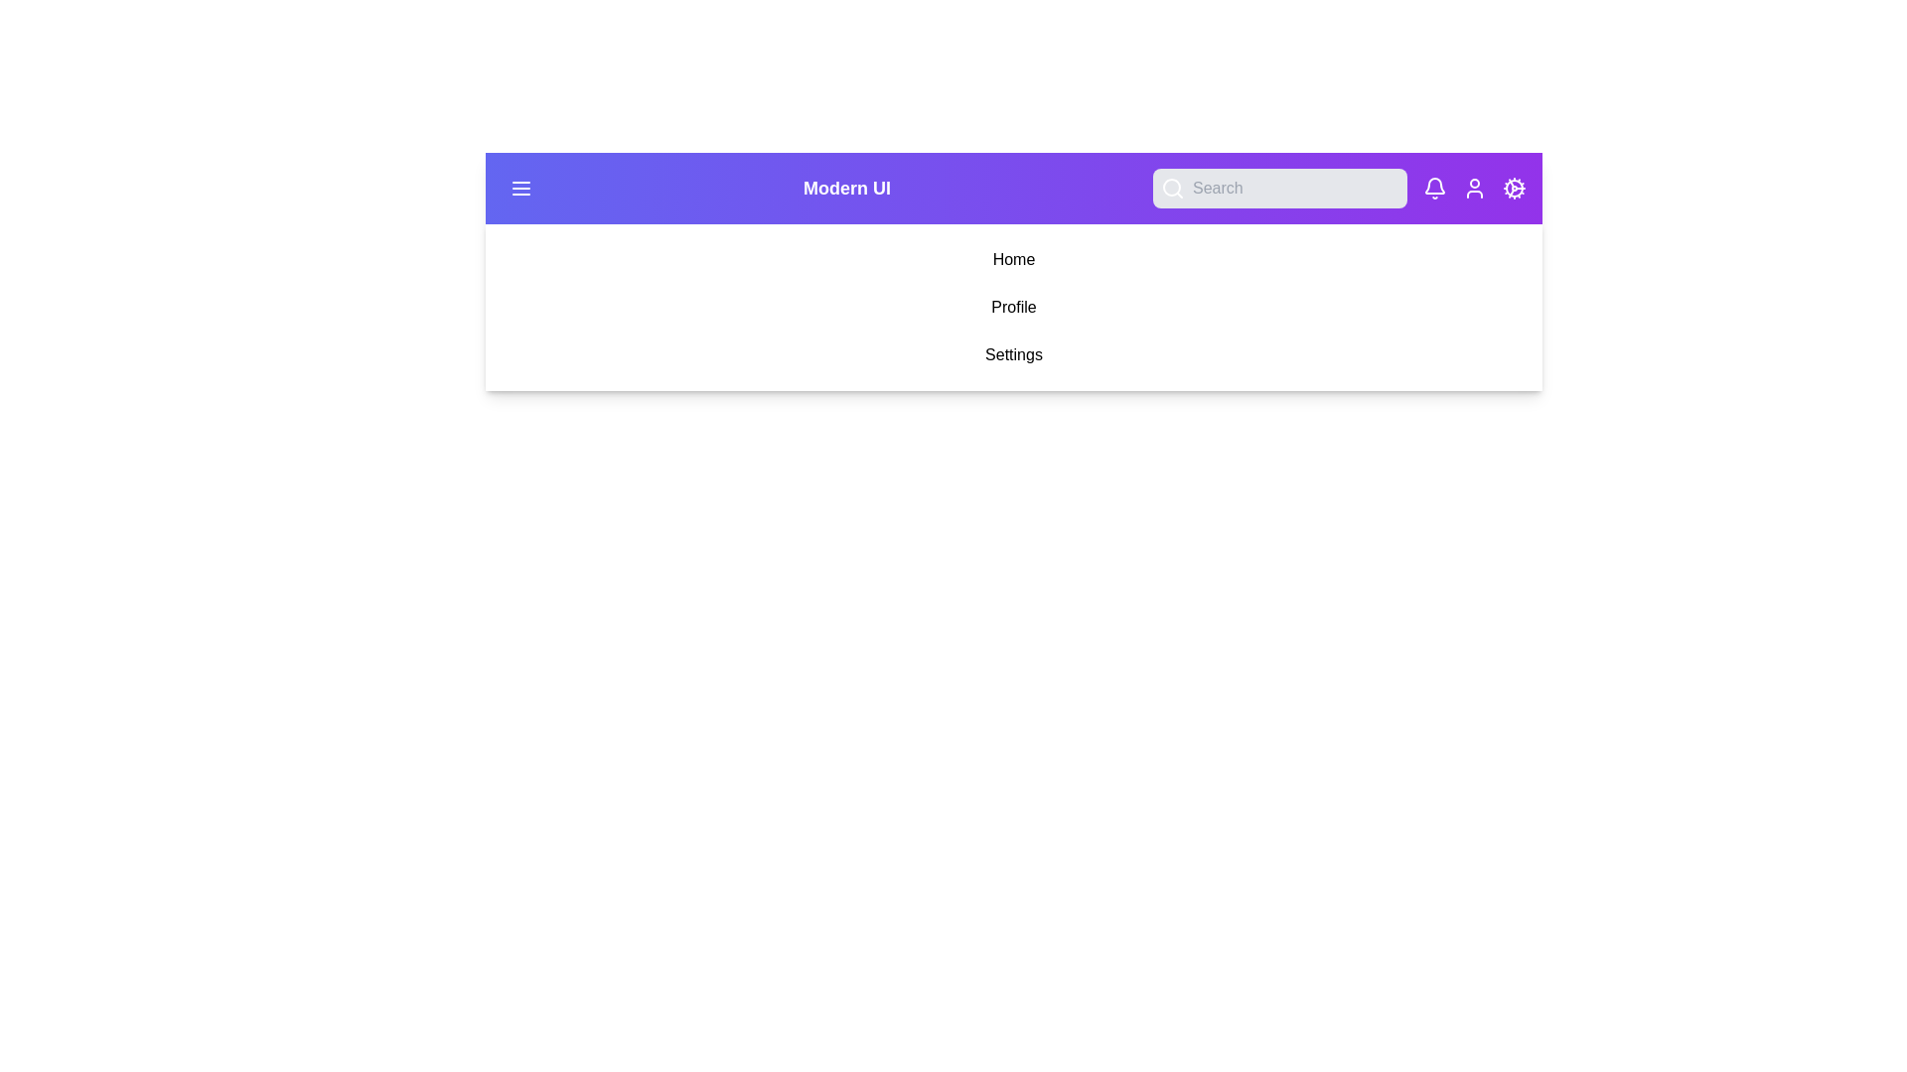  Describe the element at coordinates (1014, 259) in the screenshot. I see `the menu item Home` at that location.